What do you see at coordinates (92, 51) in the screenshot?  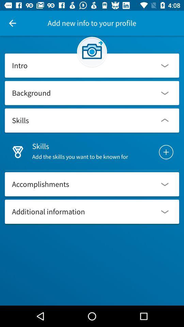 I see `camera icon below add new info to your profile` at bounding box center [92, 51].